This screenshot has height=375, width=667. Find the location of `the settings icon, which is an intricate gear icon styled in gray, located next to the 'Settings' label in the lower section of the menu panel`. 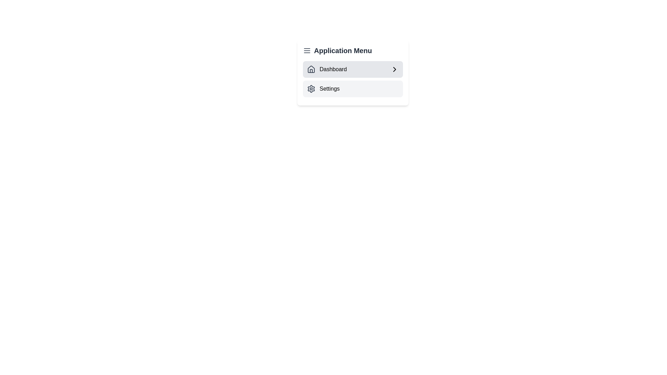

the settings icon, which is an intricate gear icon styled in gray, located next to the 'Settings' label in the lower section of the menu panel is located at coordinates (311, 88).